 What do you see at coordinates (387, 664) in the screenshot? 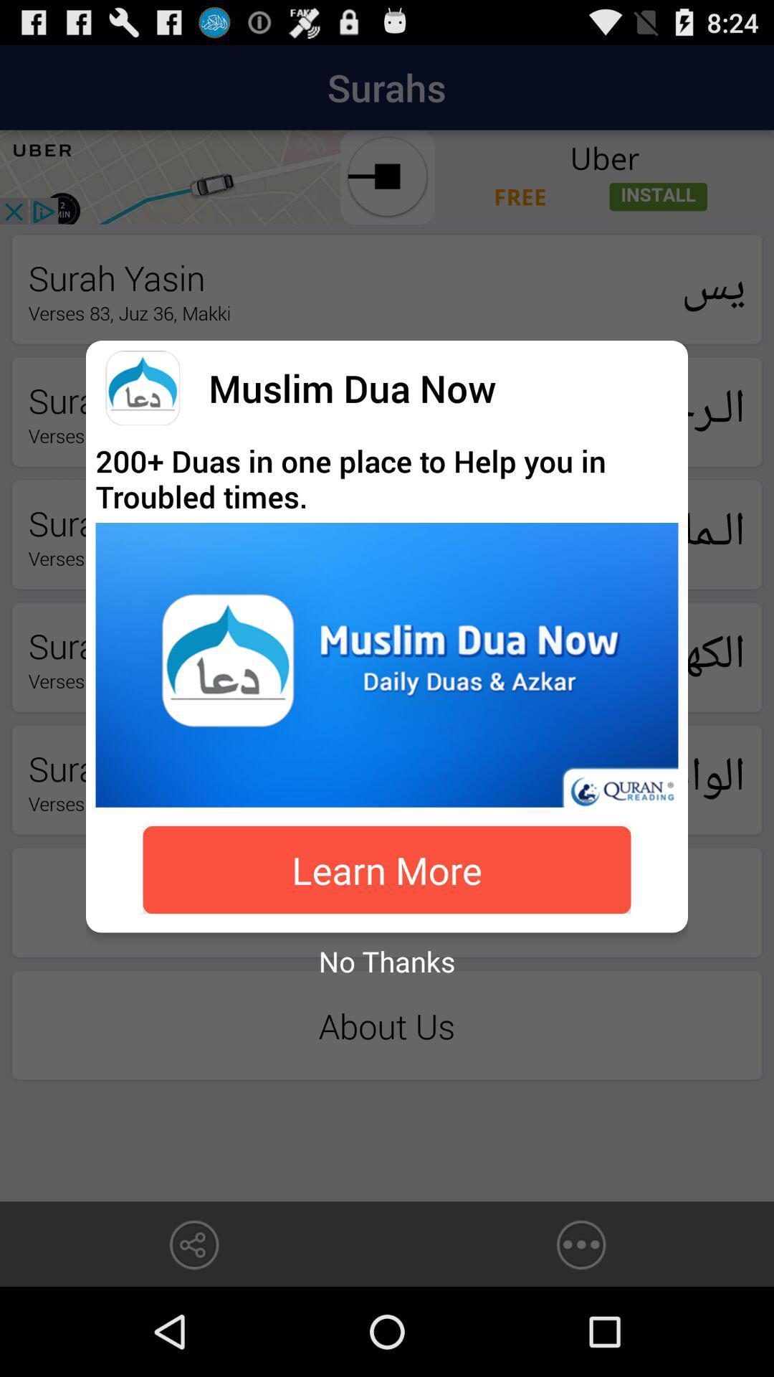
I see `the item below 200 duas in icon` at bounding box center [387, 664].